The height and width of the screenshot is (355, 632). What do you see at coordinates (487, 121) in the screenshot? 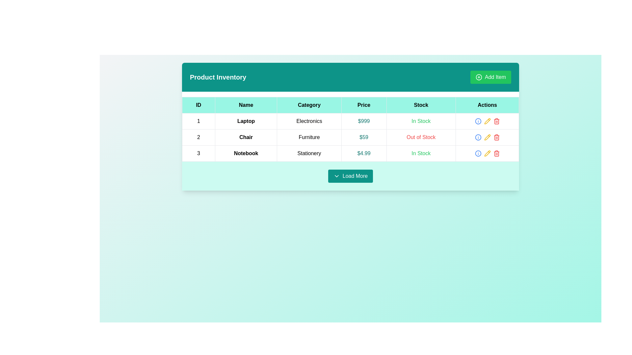
I see `the yellow pencil icon in the 'Actions' column of the product inventory table to initiate edit mode` at bounding box center [487, 121].